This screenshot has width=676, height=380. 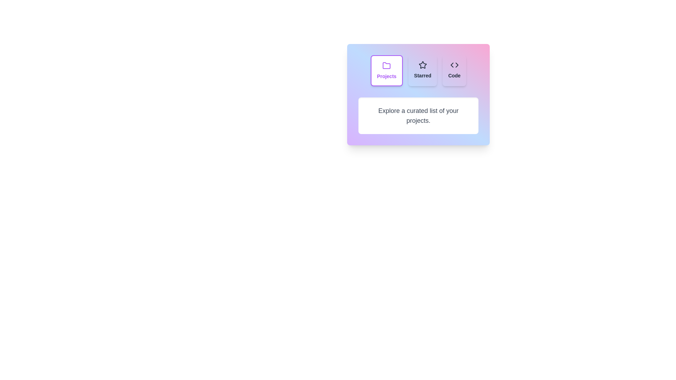 I want to click on the tab labeled Projects, so click(x=386, y=70).